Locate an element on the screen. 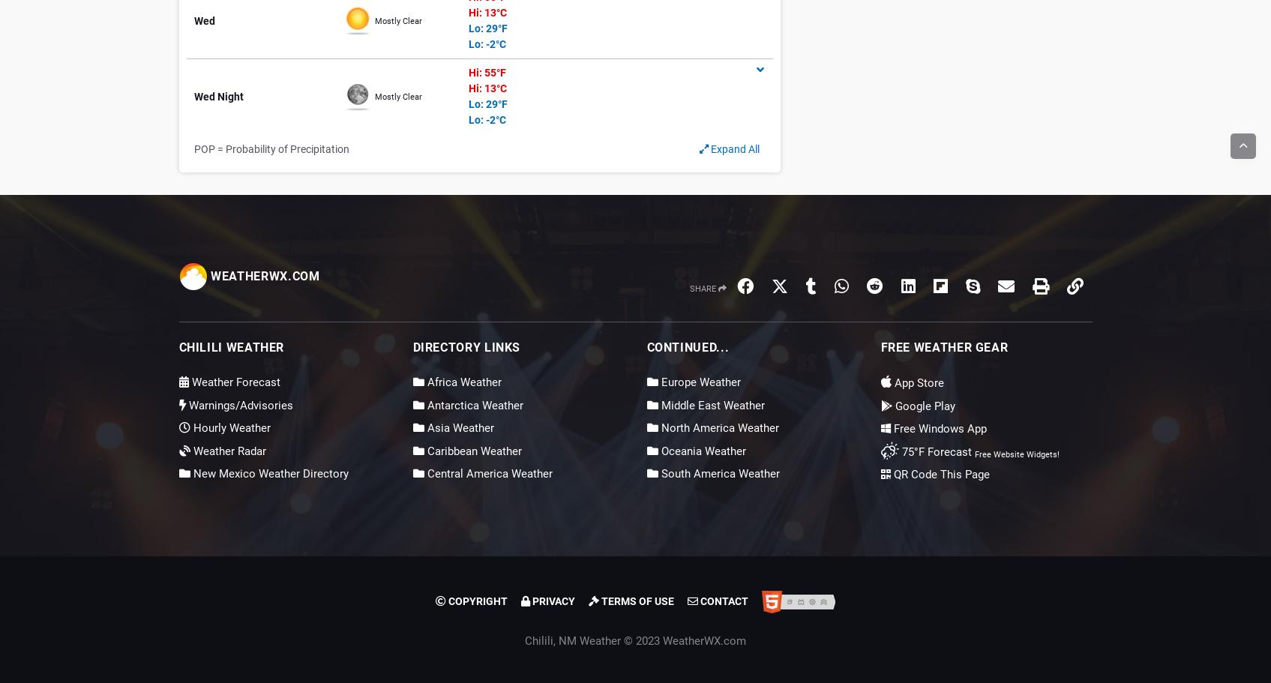 Image resolution: width=1271 pixels, height=683 pixels. 'Expand All' is located at coordinates (733, 148).